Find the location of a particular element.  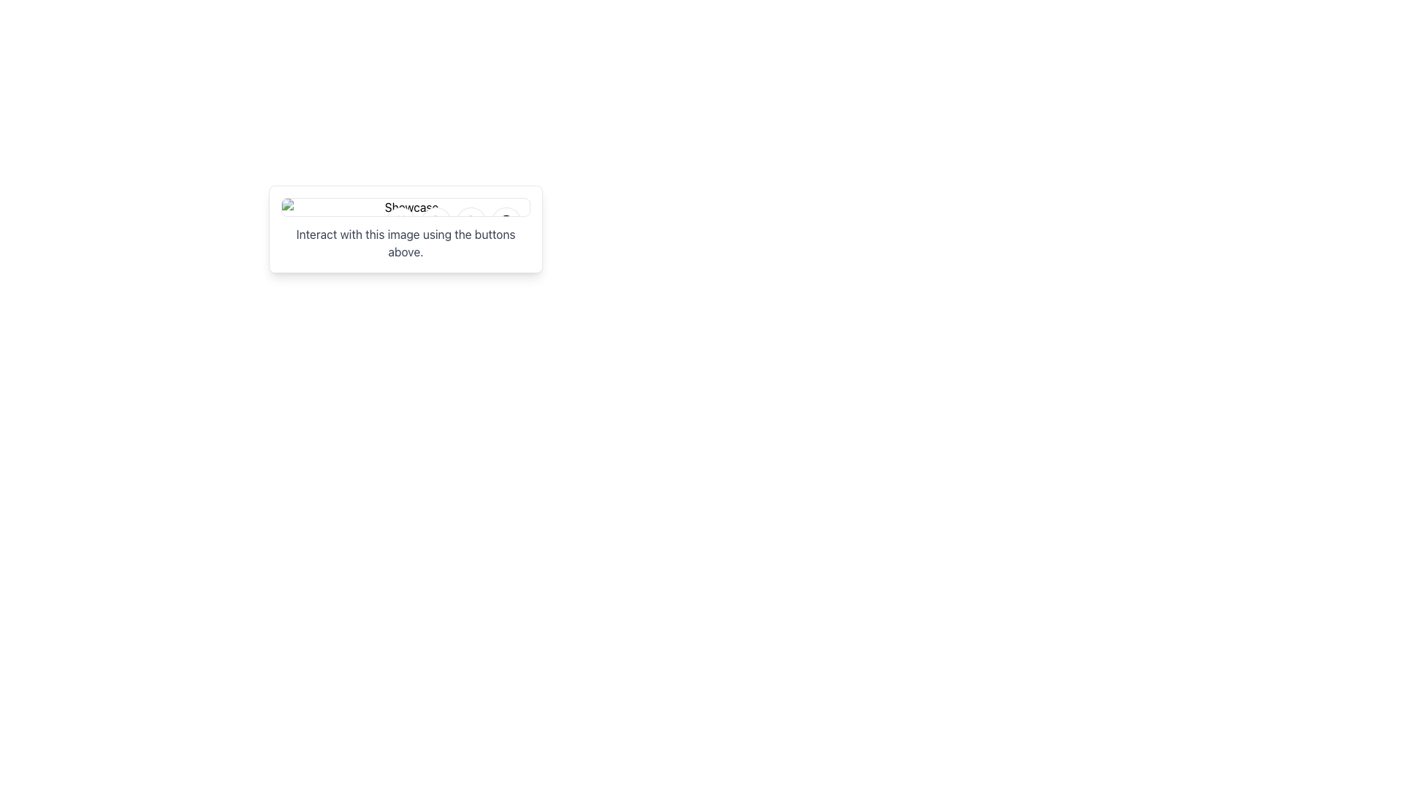

the circular informational icon with an 'i' symbol is located at coordinates (506, 222).